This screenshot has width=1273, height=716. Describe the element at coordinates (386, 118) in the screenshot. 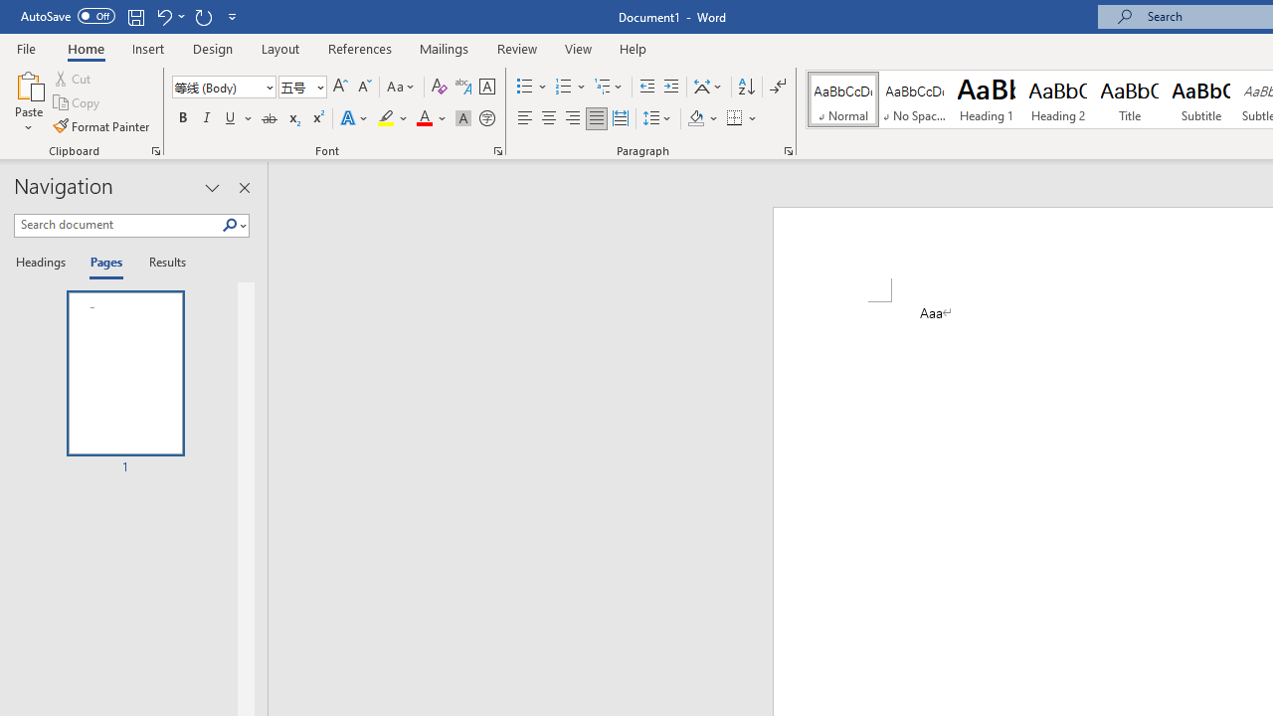

I see `'Text Highlight Color Yellow'` at that location.